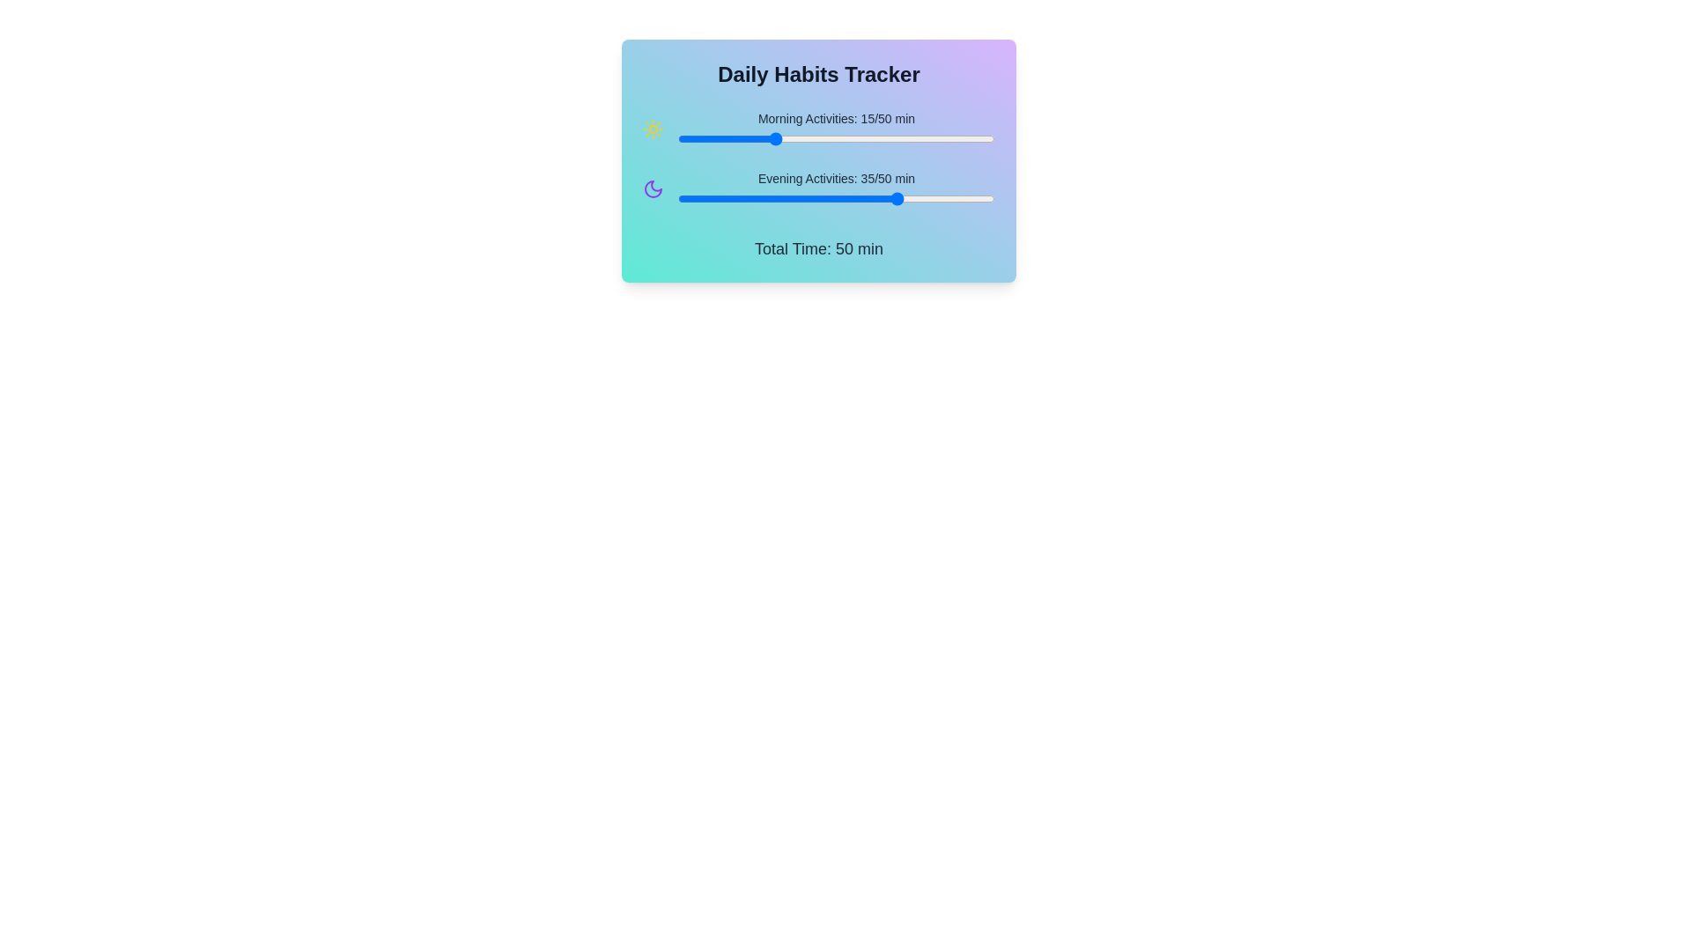 Image resolution: width=1691 pixels, height=951 pixels. Describe the element at coordinates (836, 119) in the screenshot. I see `the informational text label that indicates the progress of morning activities, which is located above the horizontal progress bar in the 'Daily Habits Tracker' card layout` at that location.